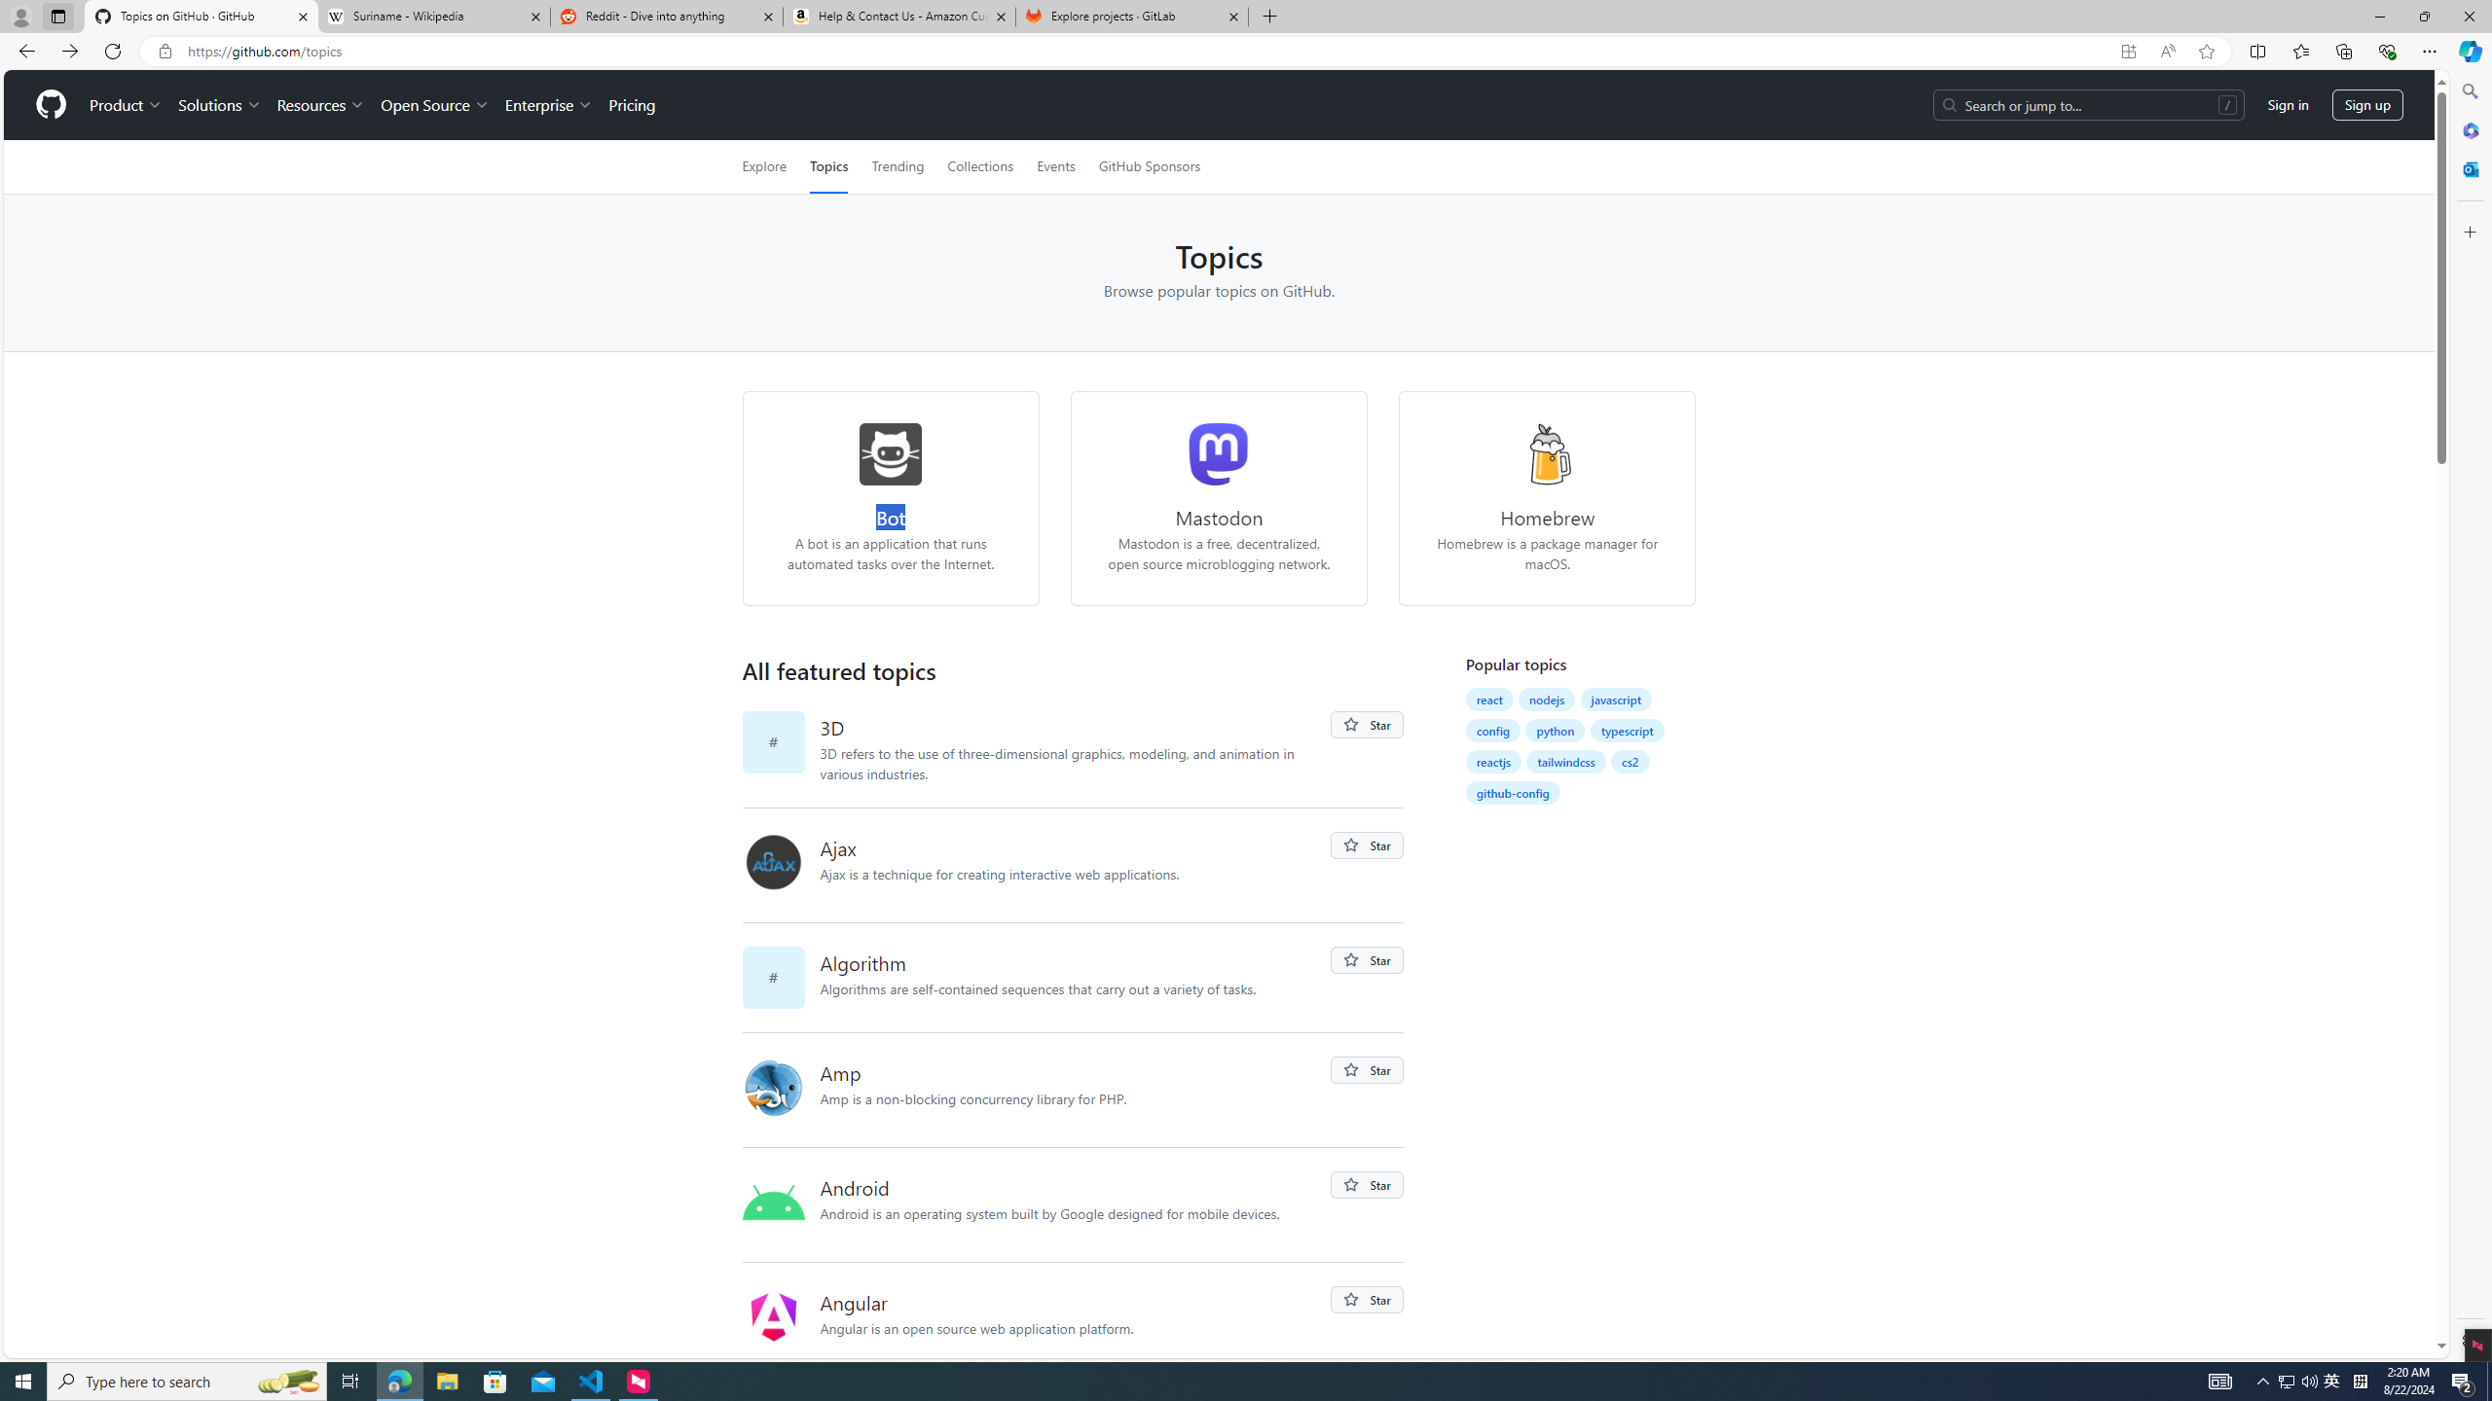 The image size is (2492, 1401). I want to click on 'Resources', so click(321, 104).